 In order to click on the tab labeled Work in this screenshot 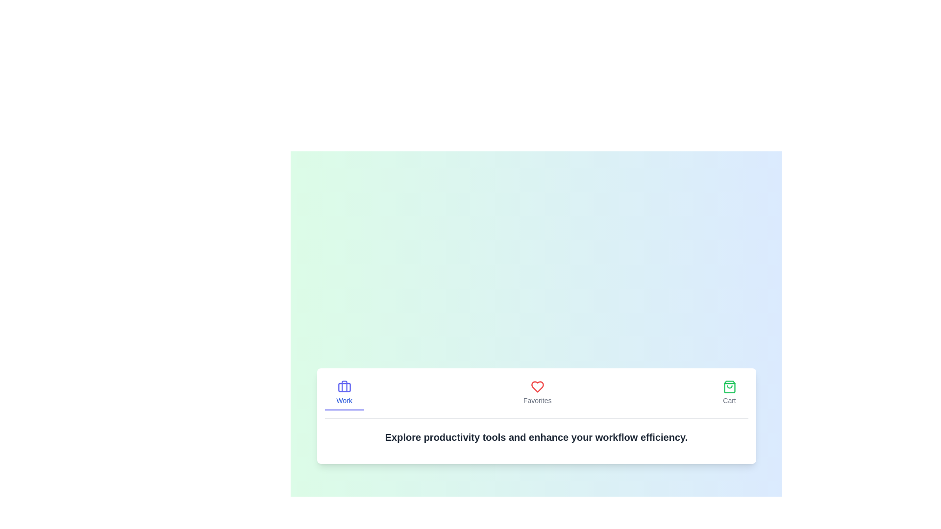, I will do `click(344, 392)`.